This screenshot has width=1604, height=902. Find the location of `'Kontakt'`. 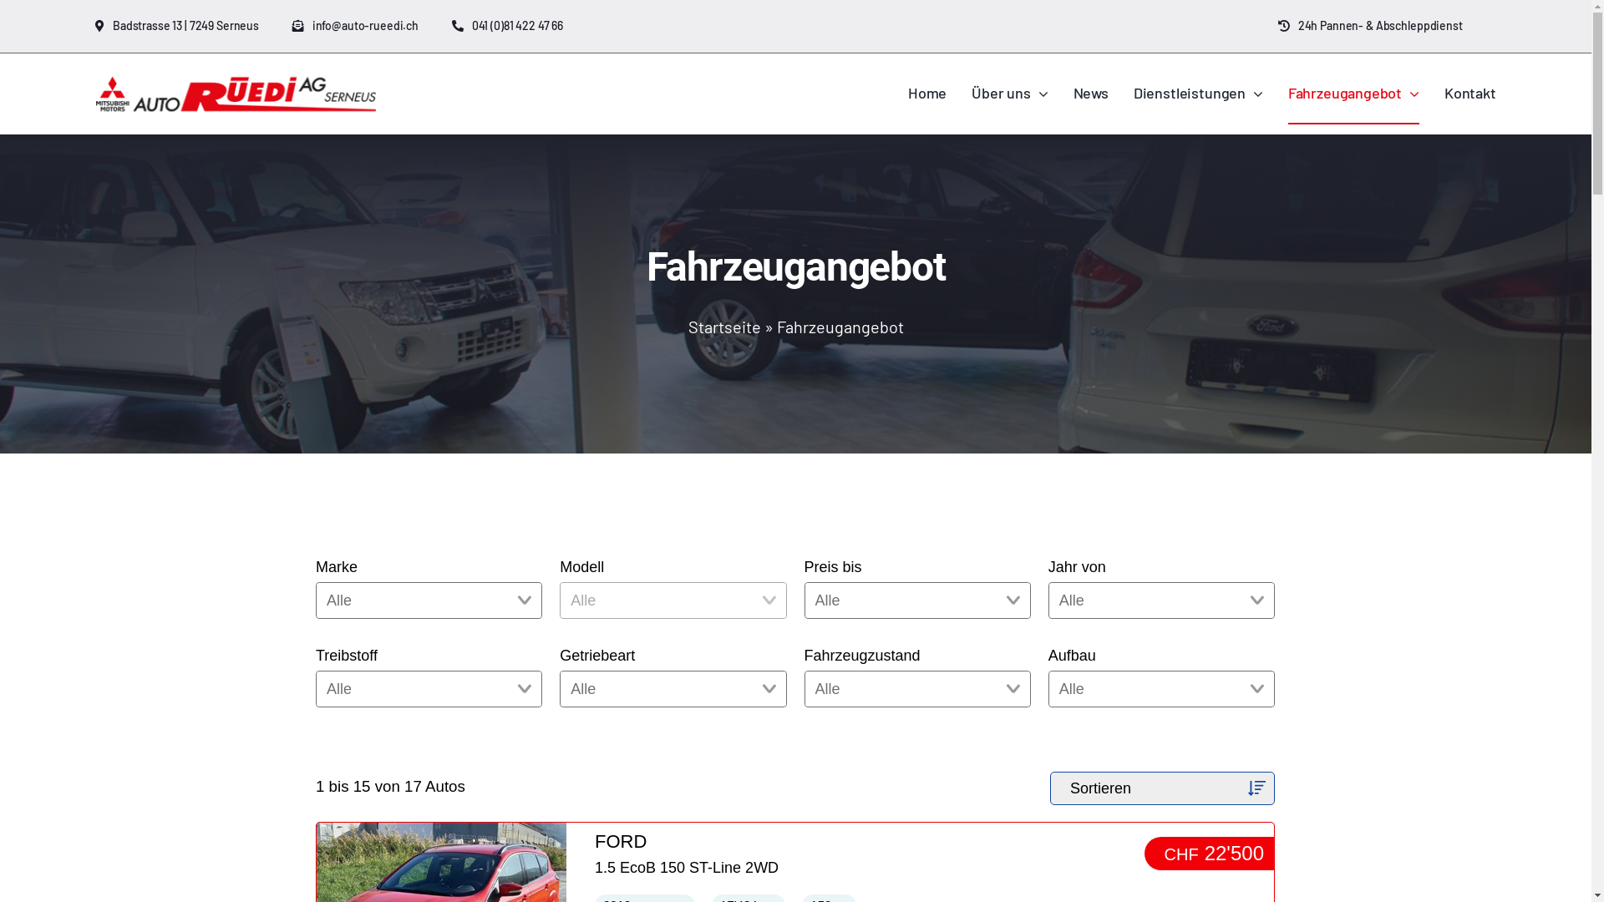

'Kontakt' is located at coordinates (1470, 94).